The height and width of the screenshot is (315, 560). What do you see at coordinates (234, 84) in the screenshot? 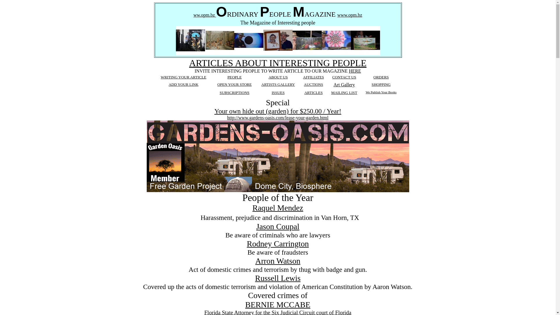
I see `'OPEN YOUR STORE'` at bounding box center [234, 84].